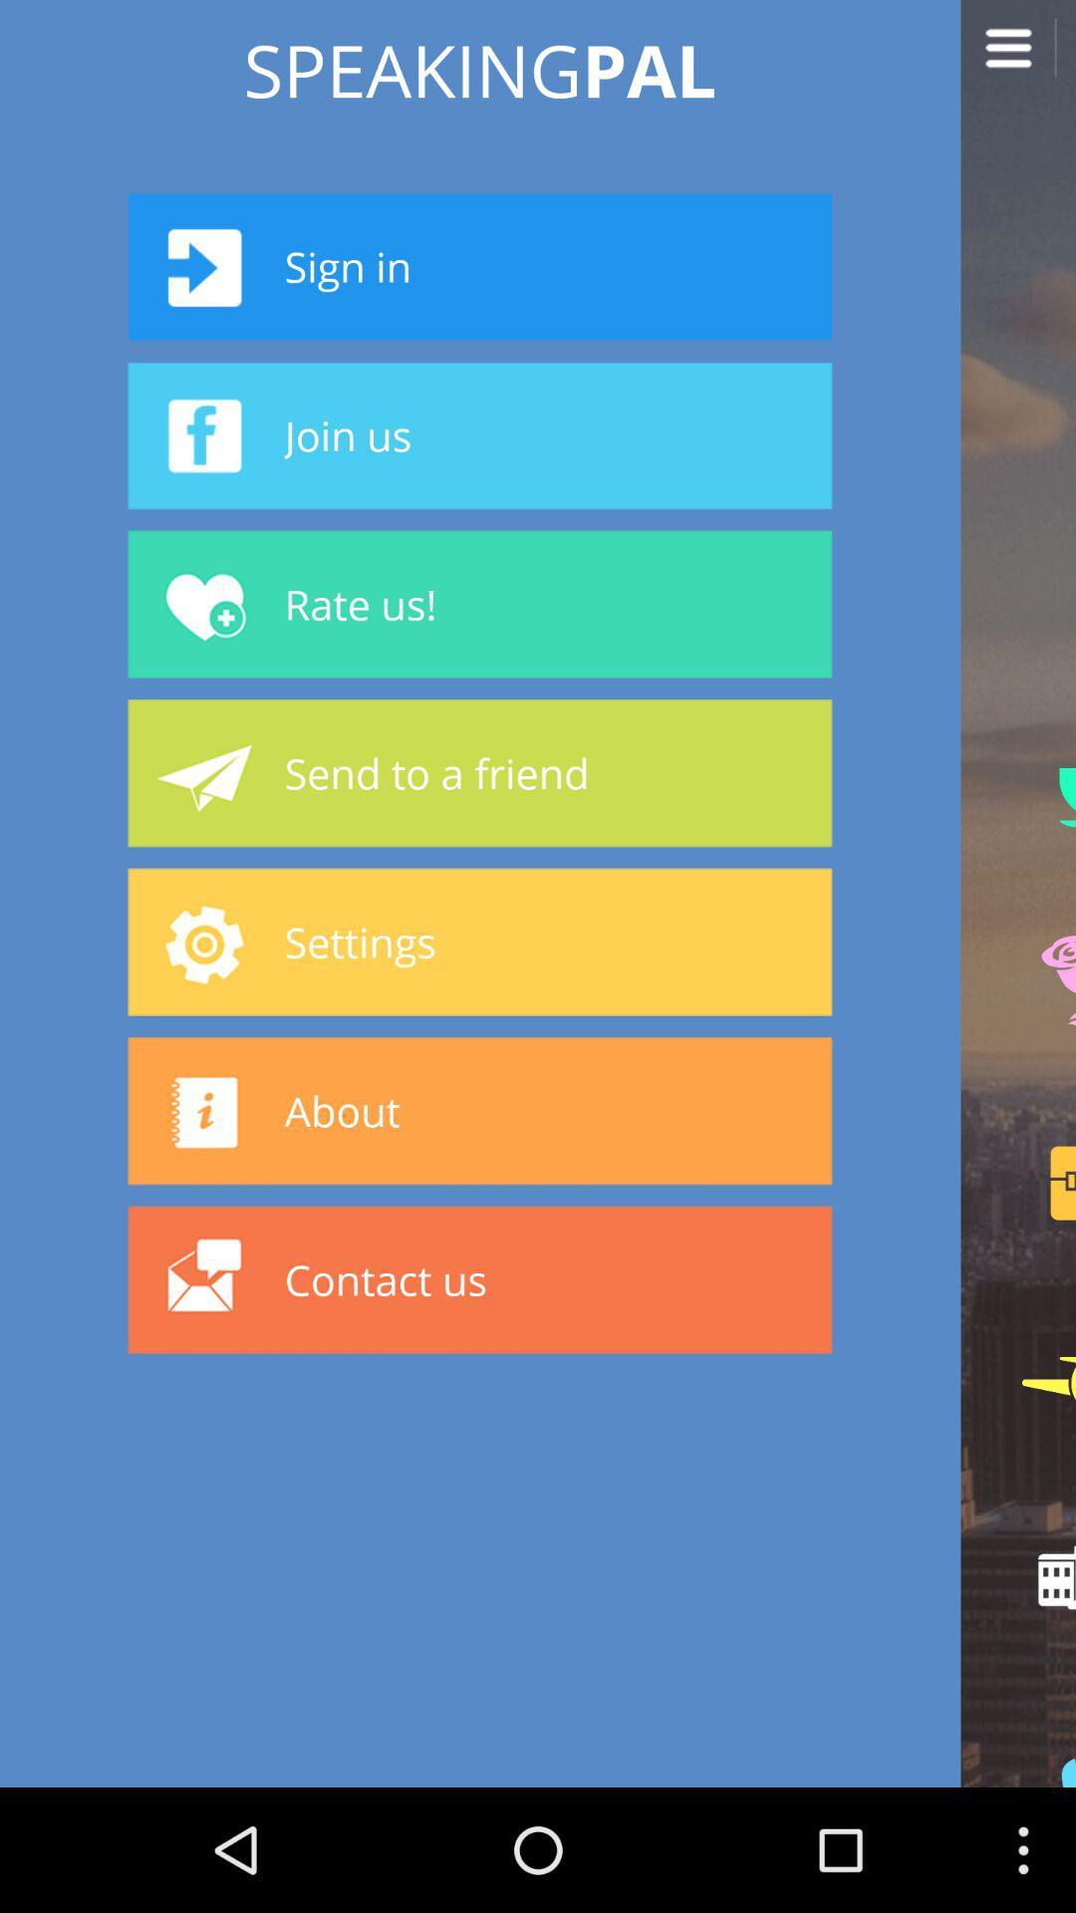 This screenshot has height=1913, width=1076. Describe the element at coordinates (1018, 57) in the screenshot. I see `open menu` at that location.